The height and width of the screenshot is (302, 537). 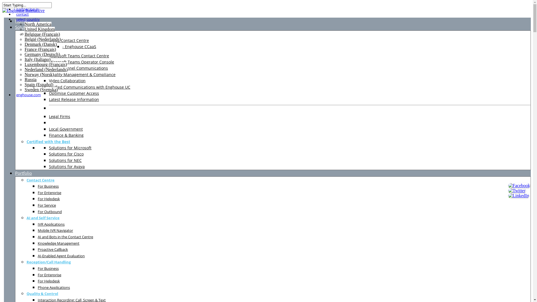 I want to click on 'Germany (Deutsch)', so click(x=42, y=54).